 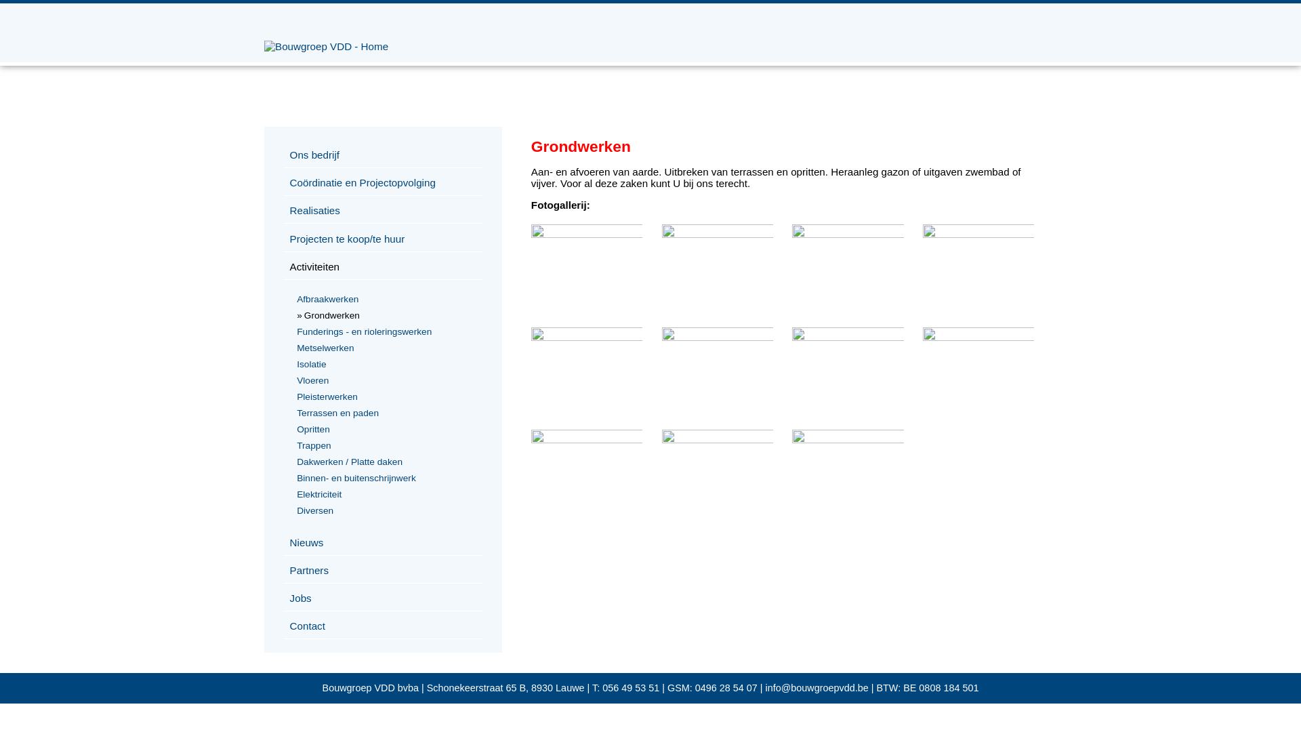 I want to click on 'Partners', so click(x=282, y=570).